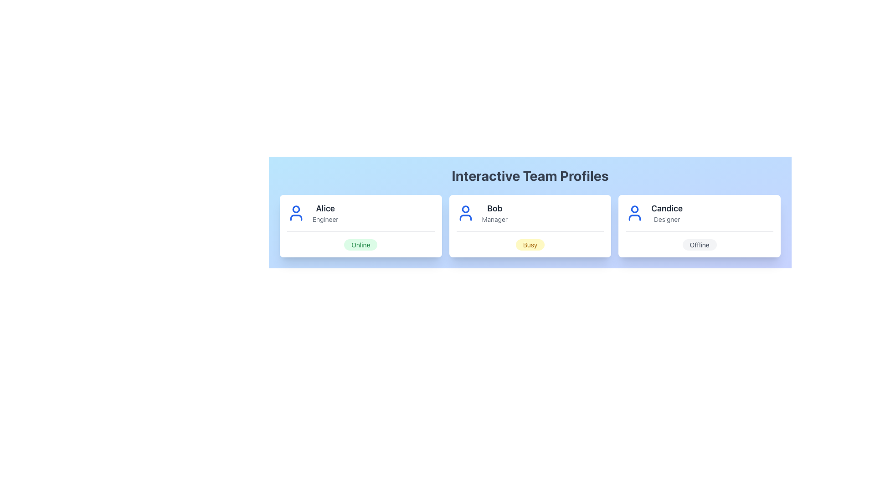 This screenshot has width=875, height=492. I want to click on the circular node at the top of the profile icon for 'Bob', which represents the user's head and has a blue stroke color, so click(465, 209).